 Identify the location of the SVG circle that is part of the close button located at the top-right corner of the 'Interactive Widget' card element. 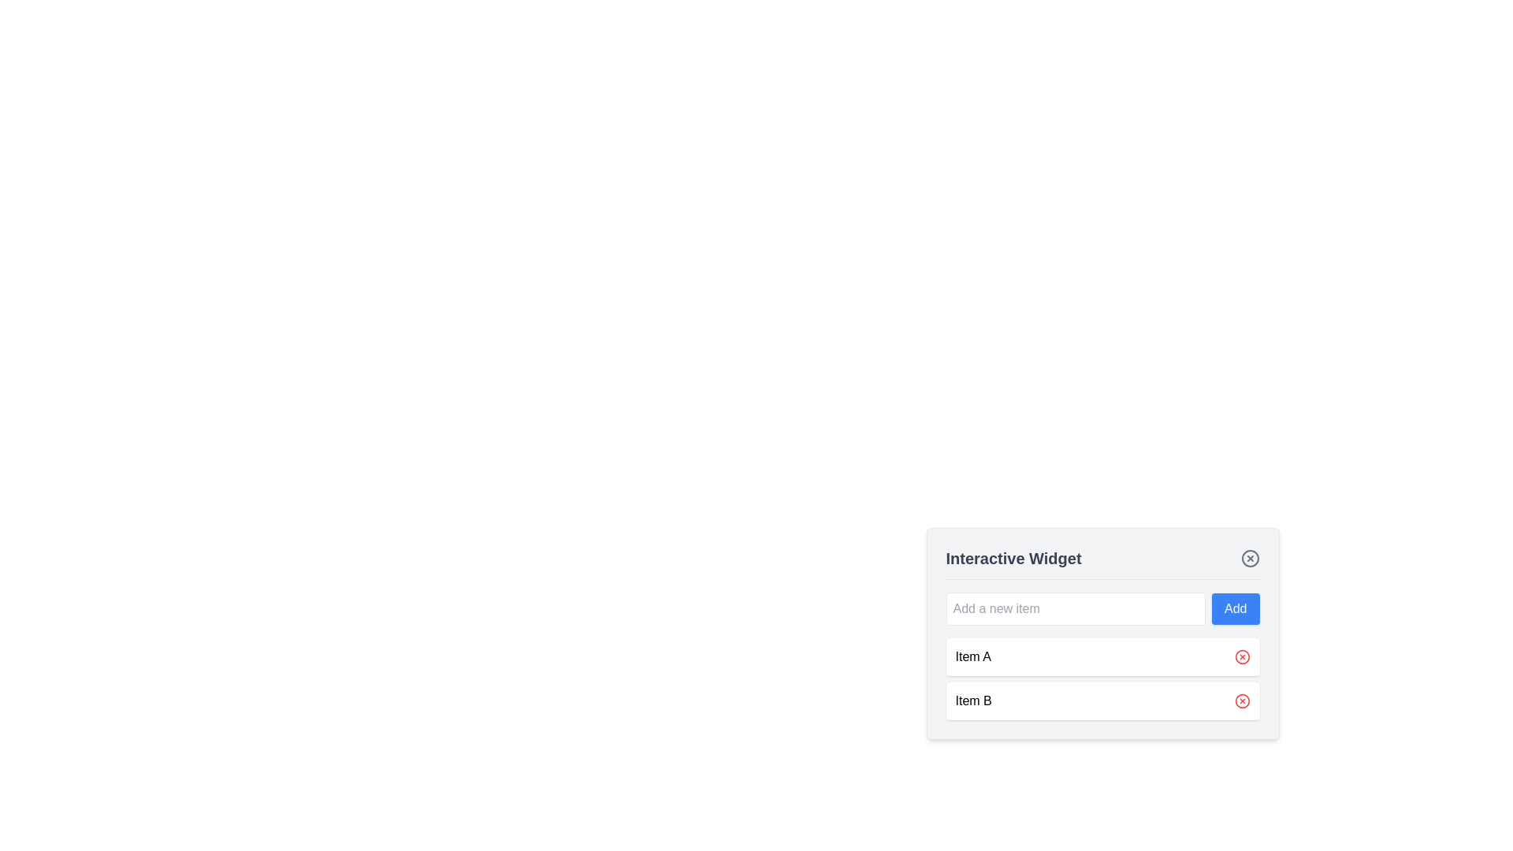
(1249, 558).